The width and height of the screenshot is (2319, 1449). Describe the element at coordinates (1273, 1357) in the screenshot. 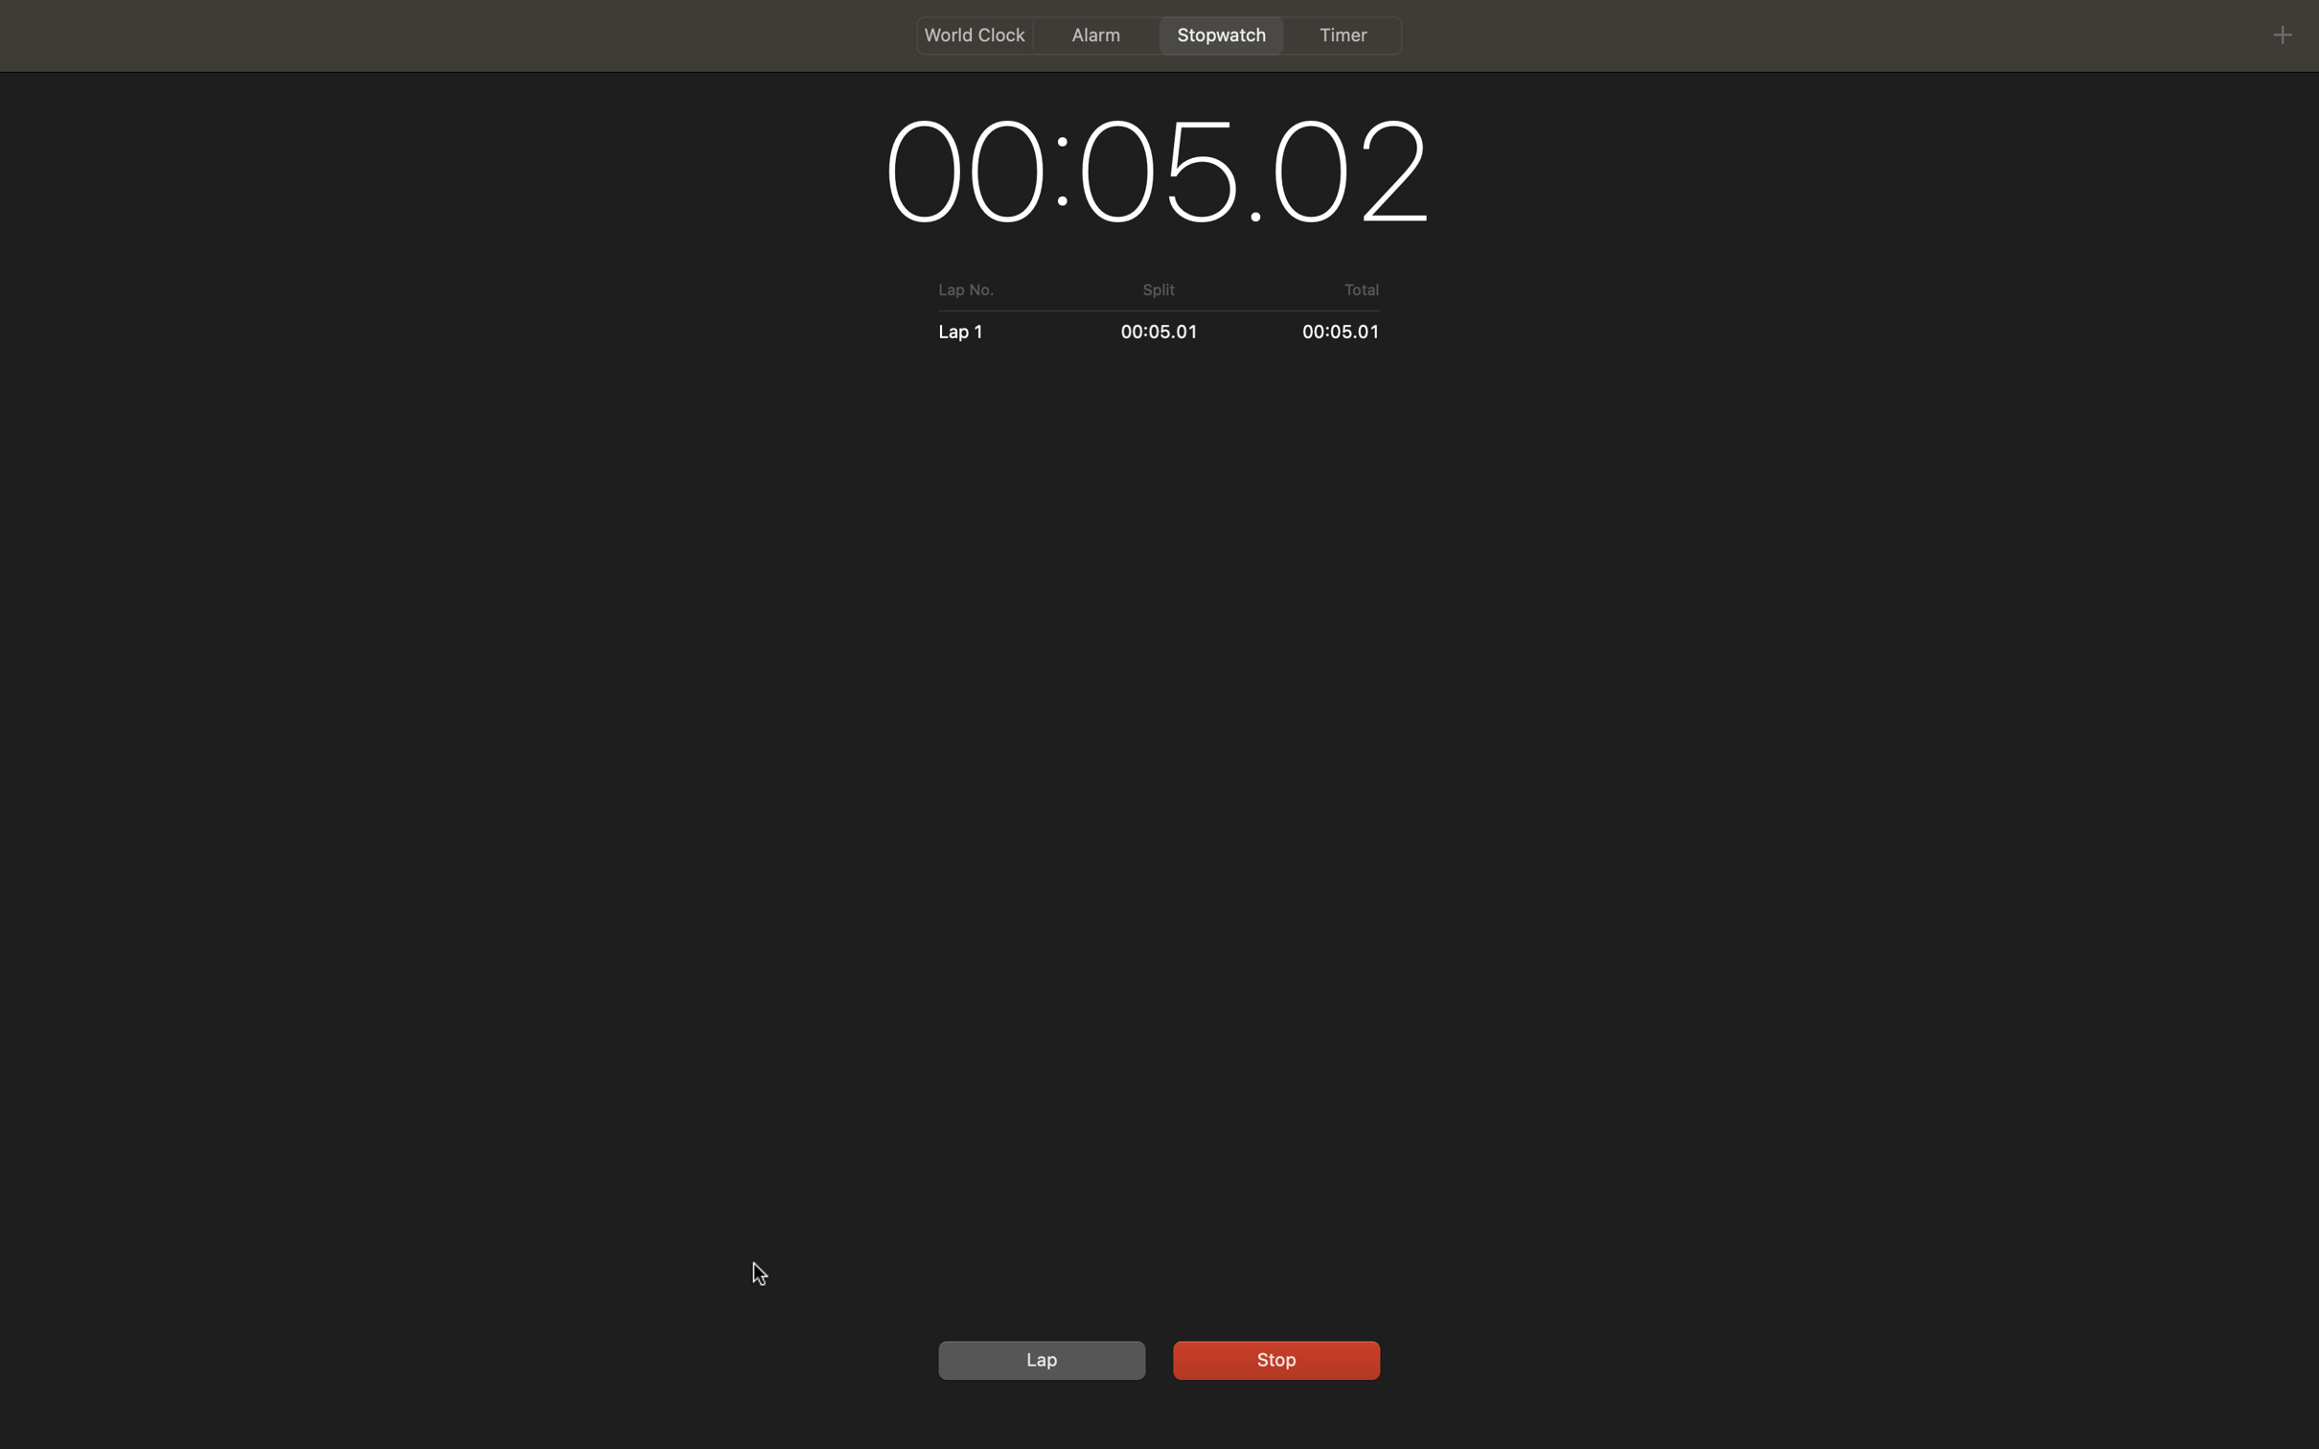

I see `Halt the time tracking on the stopwatch and restore its count to zero` at that location.